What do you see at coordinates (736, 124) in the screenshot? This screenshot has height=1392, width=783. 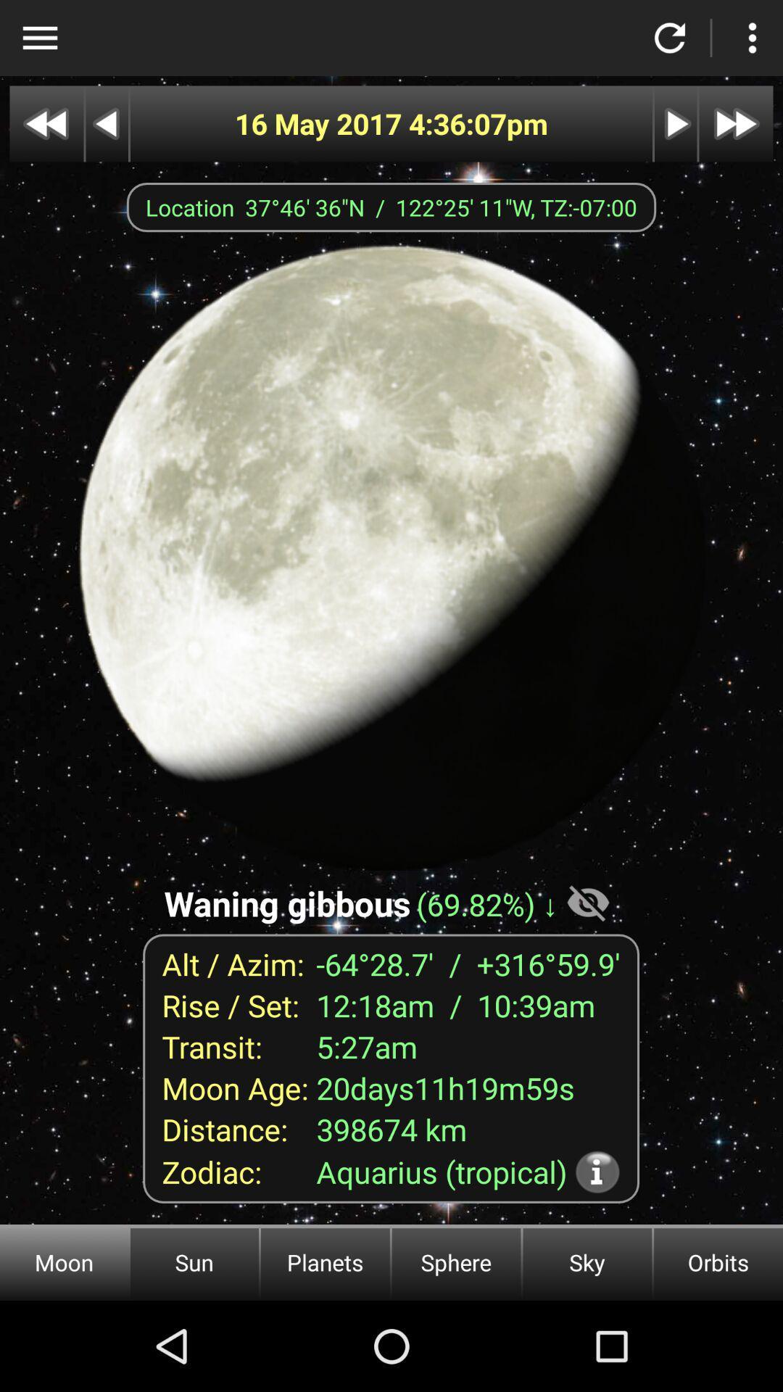 I see `go forward to last` at bounding box center [736, 124].